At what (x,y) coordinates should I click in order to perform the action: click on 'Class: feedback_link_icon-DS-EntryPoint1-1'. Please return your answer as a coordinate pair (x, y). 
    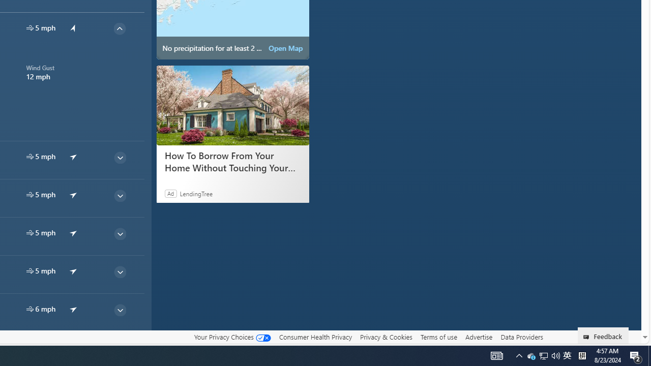
    Looking at the image, I should click on (588, 337).